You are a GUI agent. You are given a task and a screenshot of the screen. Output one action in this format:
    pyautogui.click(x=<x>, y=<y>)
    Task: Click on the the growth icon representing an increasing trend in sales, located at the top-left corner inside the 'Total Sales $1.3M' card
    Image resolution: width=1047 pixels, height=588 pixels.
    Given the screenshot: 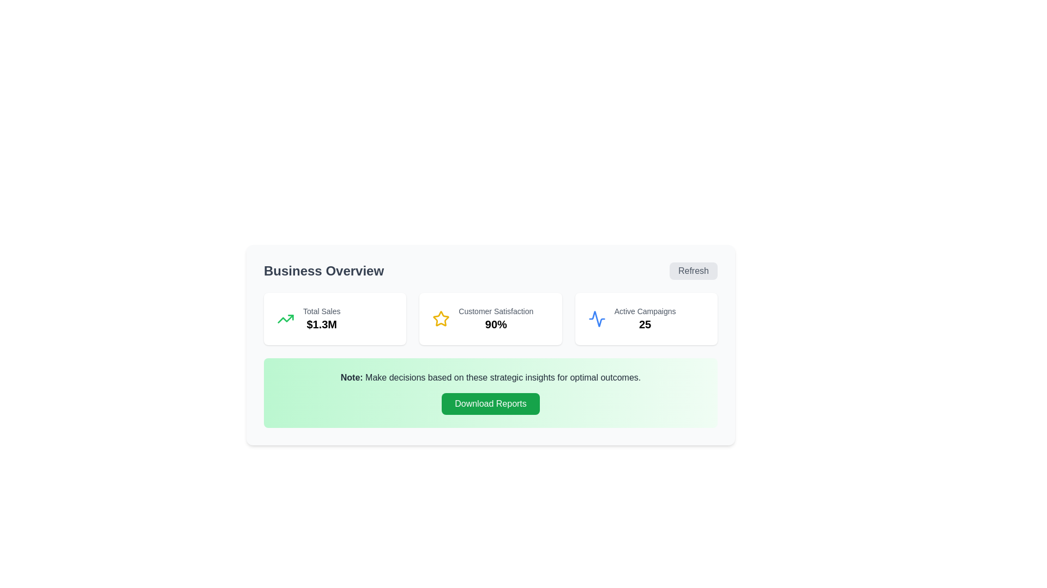 What is the action you would take?
    pyautogui.click(x=285, y=318)
    